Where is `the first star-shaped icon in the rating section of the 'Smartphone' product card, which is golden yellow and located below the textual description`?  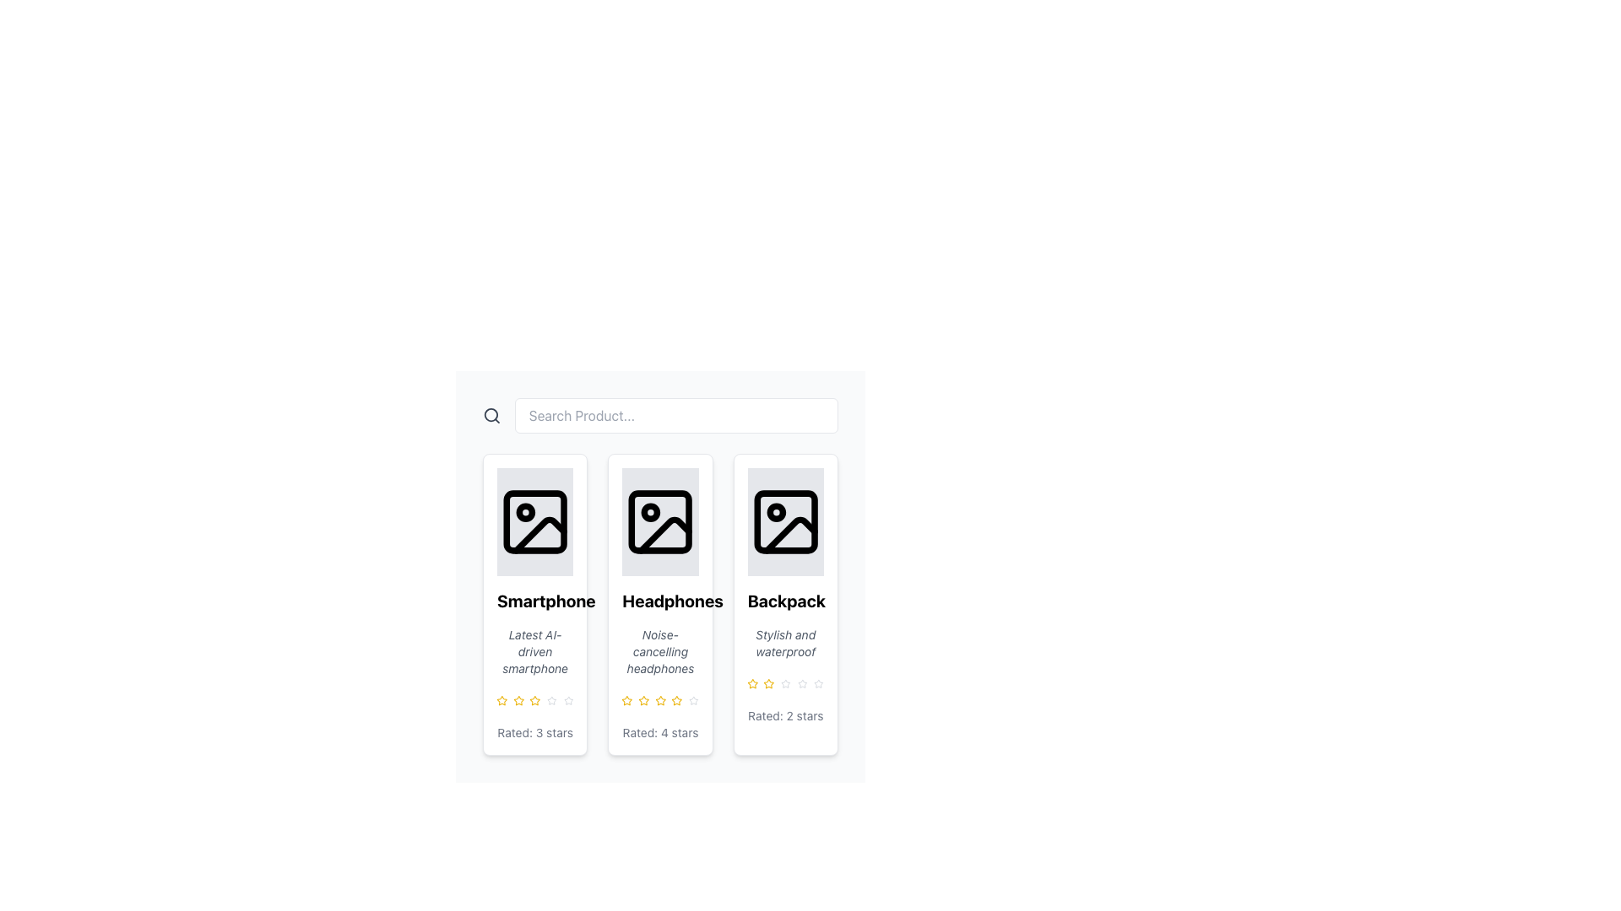 the first star-shaped icon in the rating section of the 'Smartphone' product card, which is golden yellow and located below the textual description is located at coordinates (501, 700).